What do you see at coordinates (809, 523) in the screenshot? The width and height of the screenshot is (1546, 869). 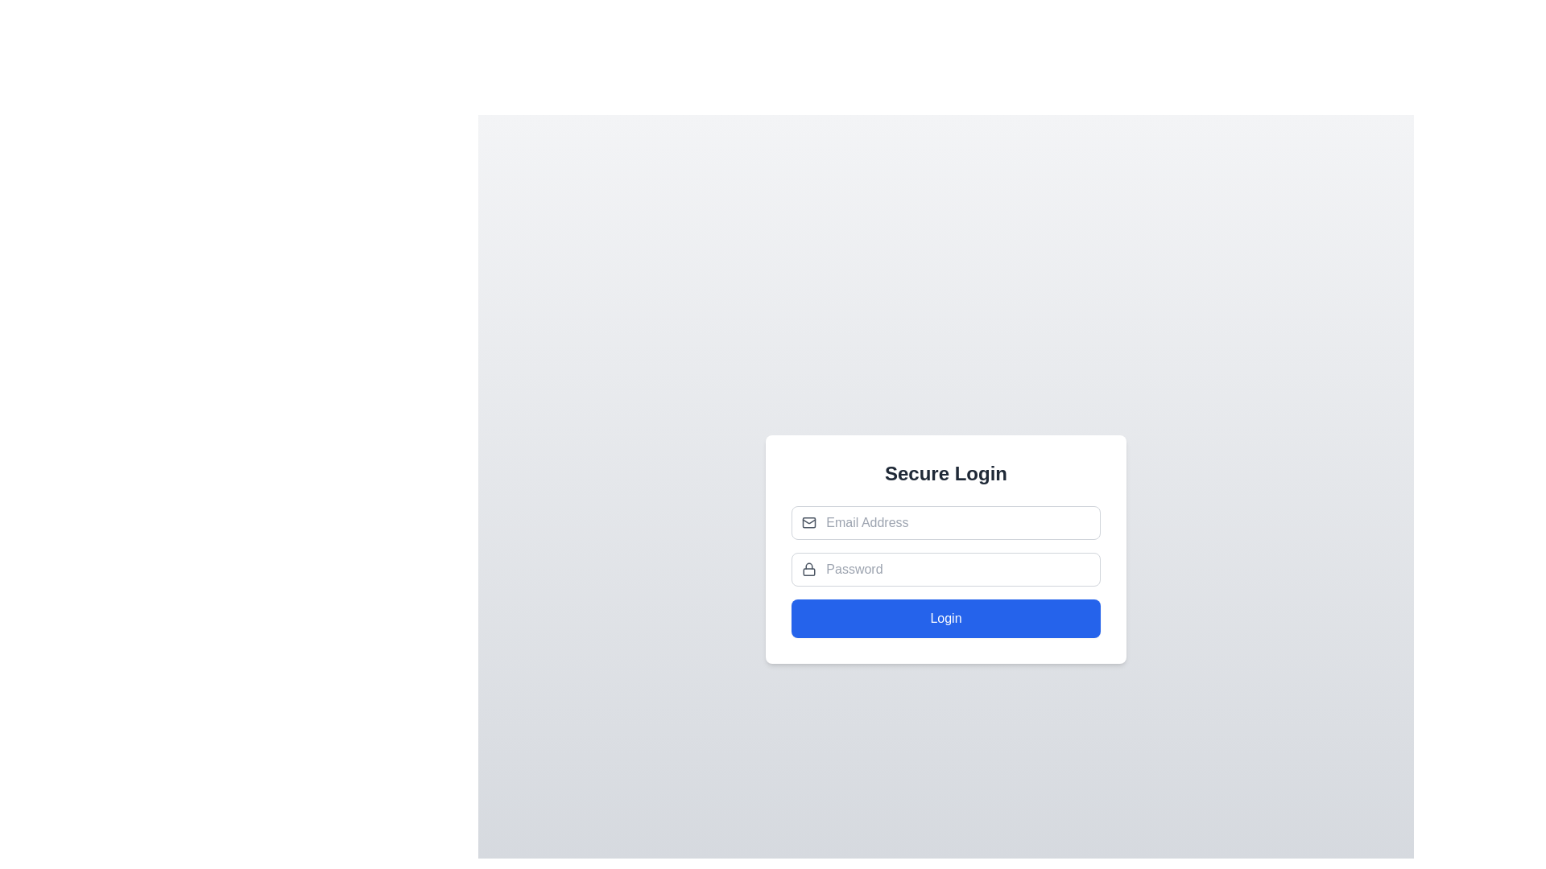 I see `the mail or envelope icon located to the immediate left of the 'Email Address' input field within the login form` at bounding box center [809, 523].